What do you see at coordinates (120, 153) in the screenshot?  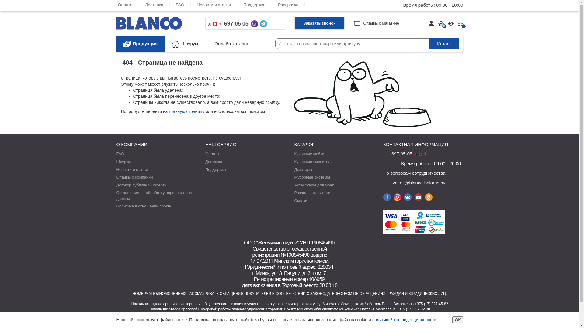 I see `'FAQ'` at bounding box center [120, 153].